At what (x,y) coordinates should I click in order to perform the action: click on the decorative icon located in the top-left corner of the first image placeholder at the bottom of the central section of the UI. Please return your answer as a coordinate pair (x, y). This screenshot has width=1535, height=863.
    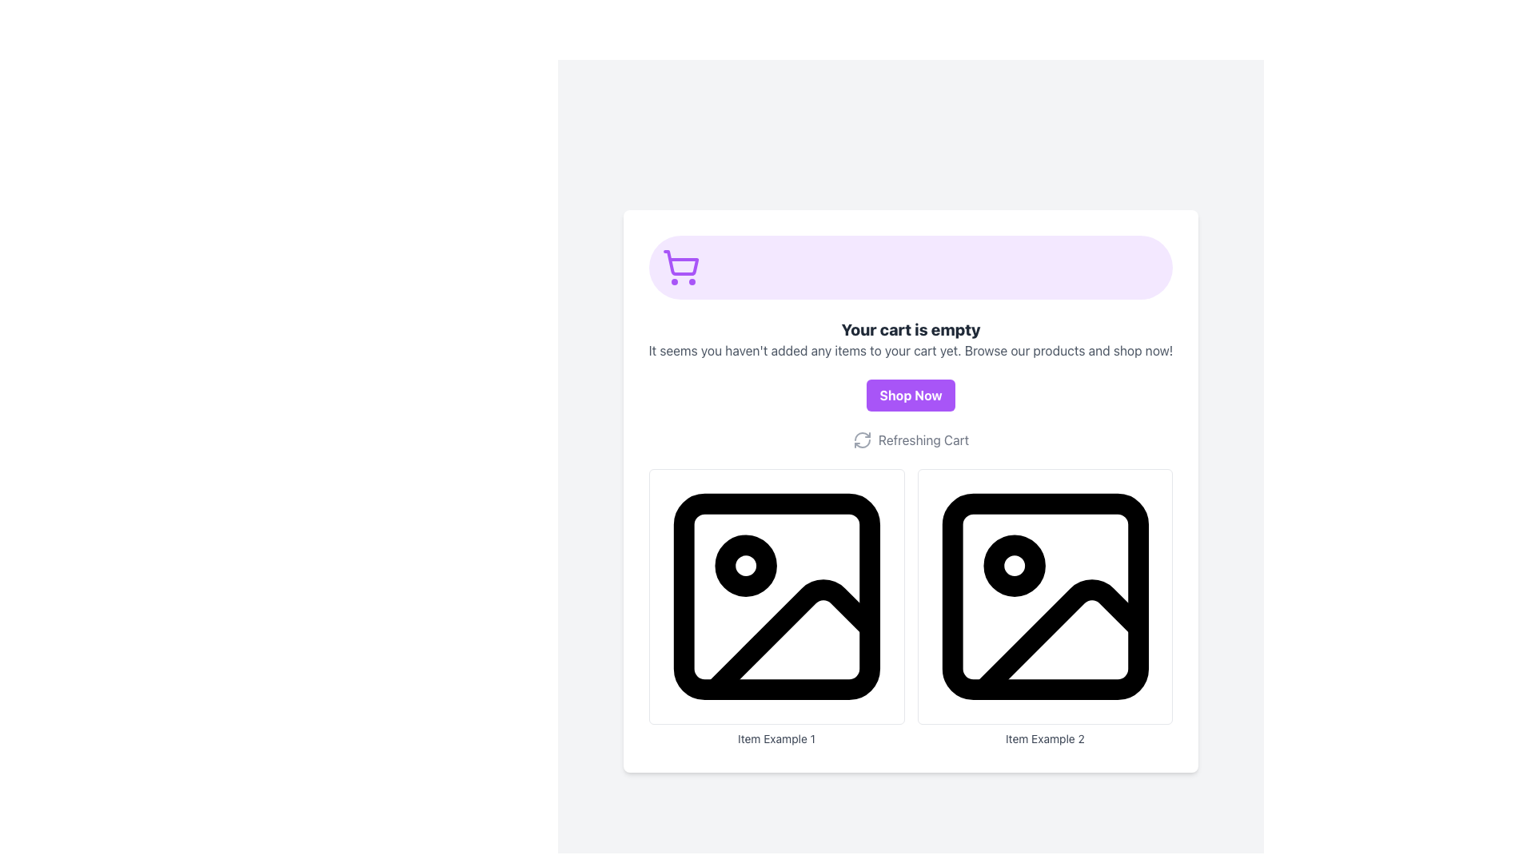
    Looking at the image, I should click on (744, 565).